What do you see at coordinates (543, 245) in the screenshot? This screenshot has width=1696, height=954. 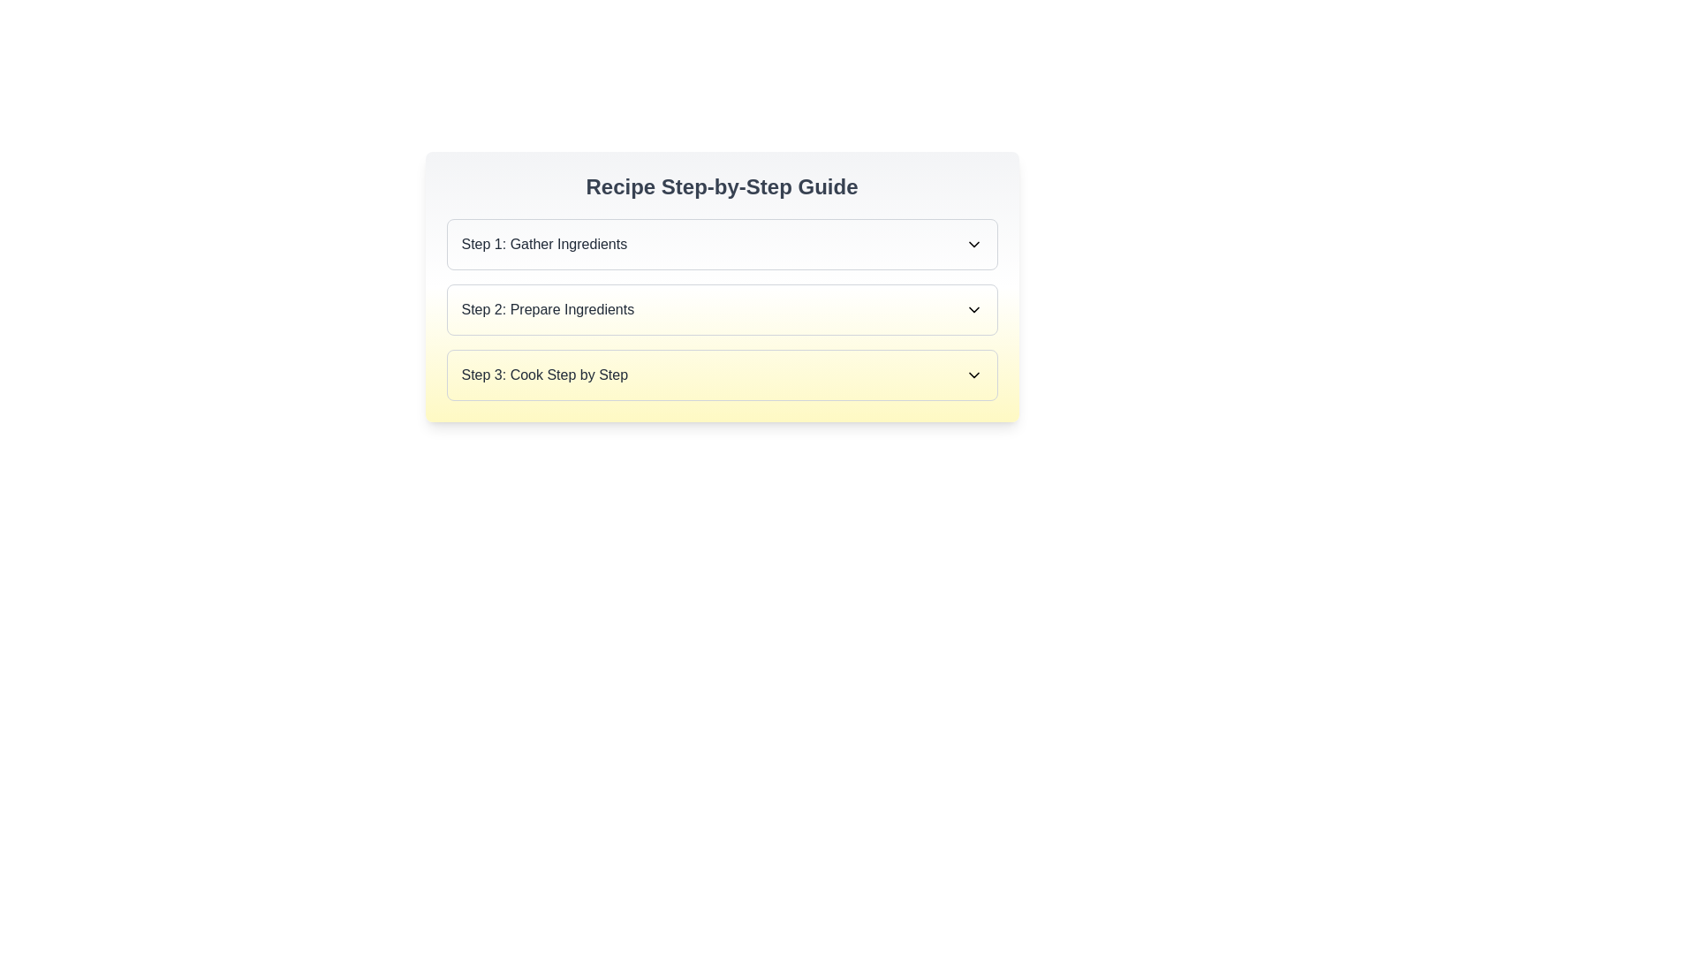 I see `the text label displaying 'Step 1: Gather Ingredients'` at bounding box center [543, 245].